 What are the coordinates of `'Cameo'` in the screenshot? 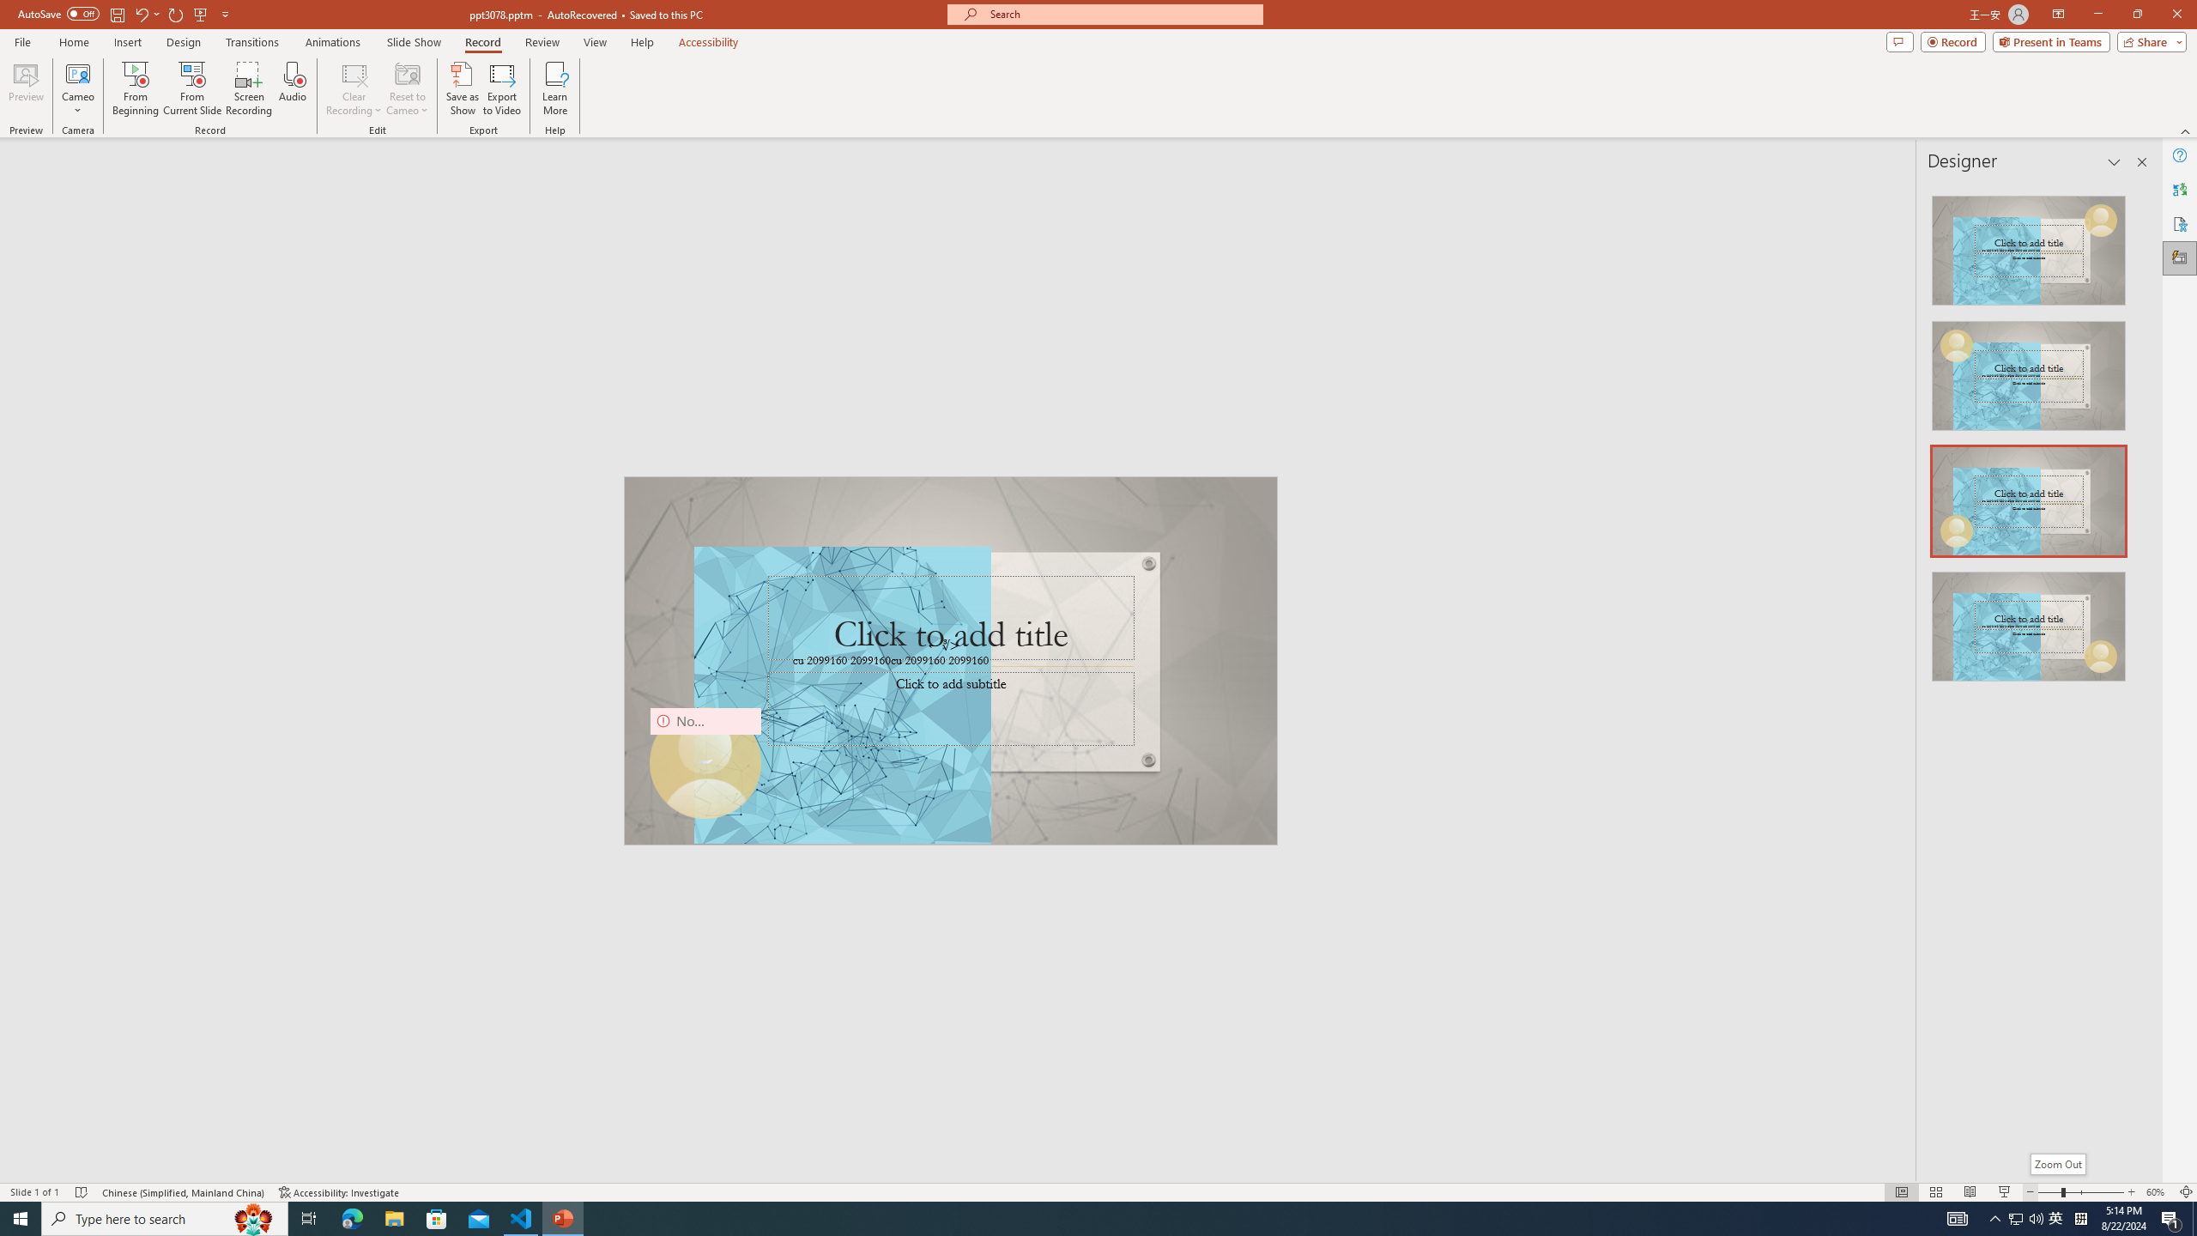 It's located at (76, 88).